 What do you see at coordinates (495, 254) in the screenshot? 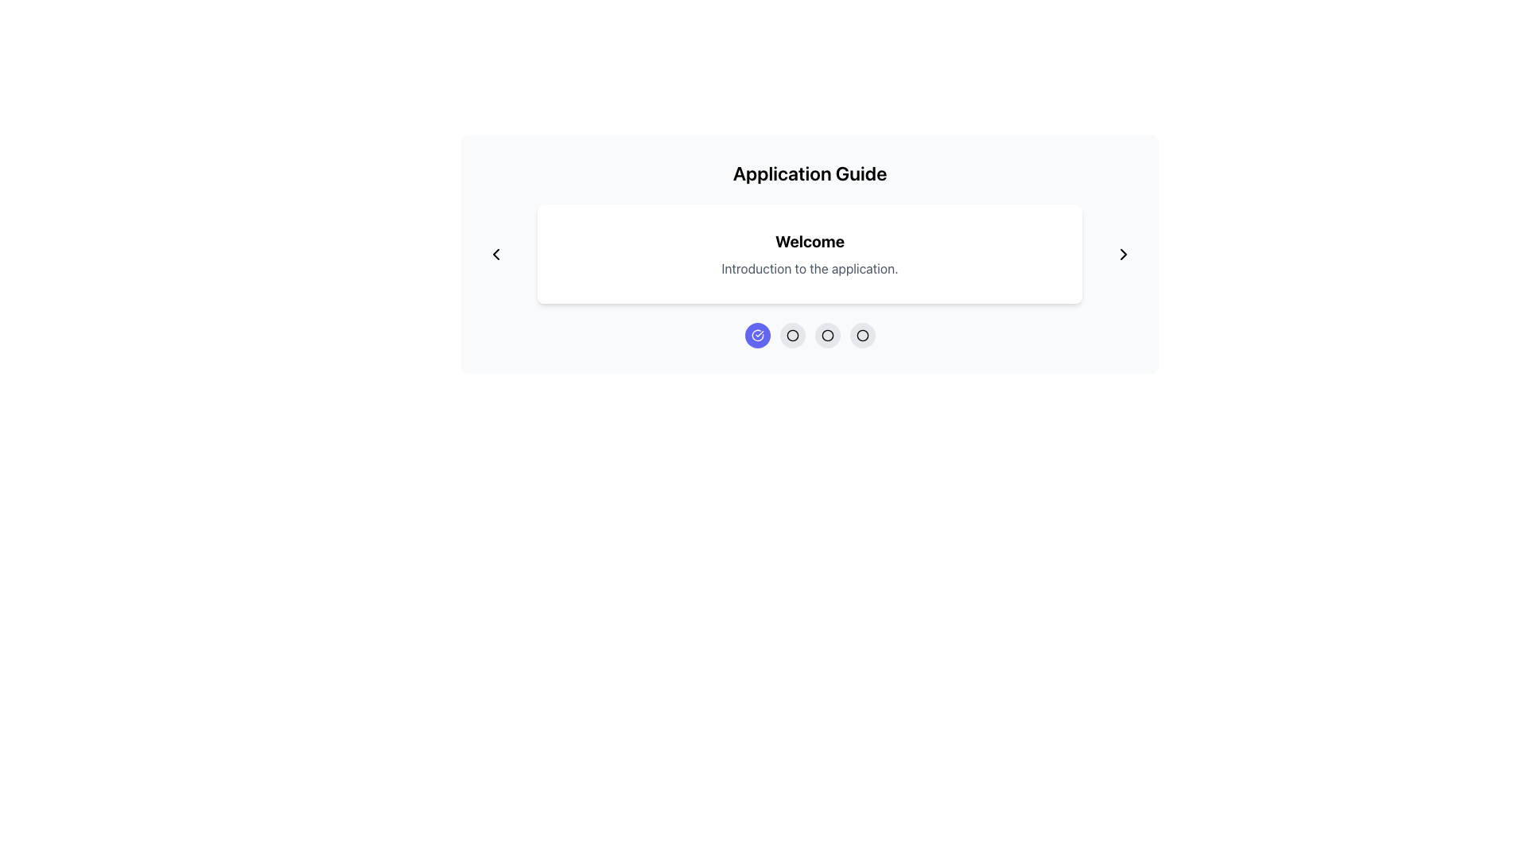
I see `the left-pointing chevron icon with a thin black outline, which is used for navigational purposes and is located to the far left of the 'Welcome' content` at bounding box center [495, 254].